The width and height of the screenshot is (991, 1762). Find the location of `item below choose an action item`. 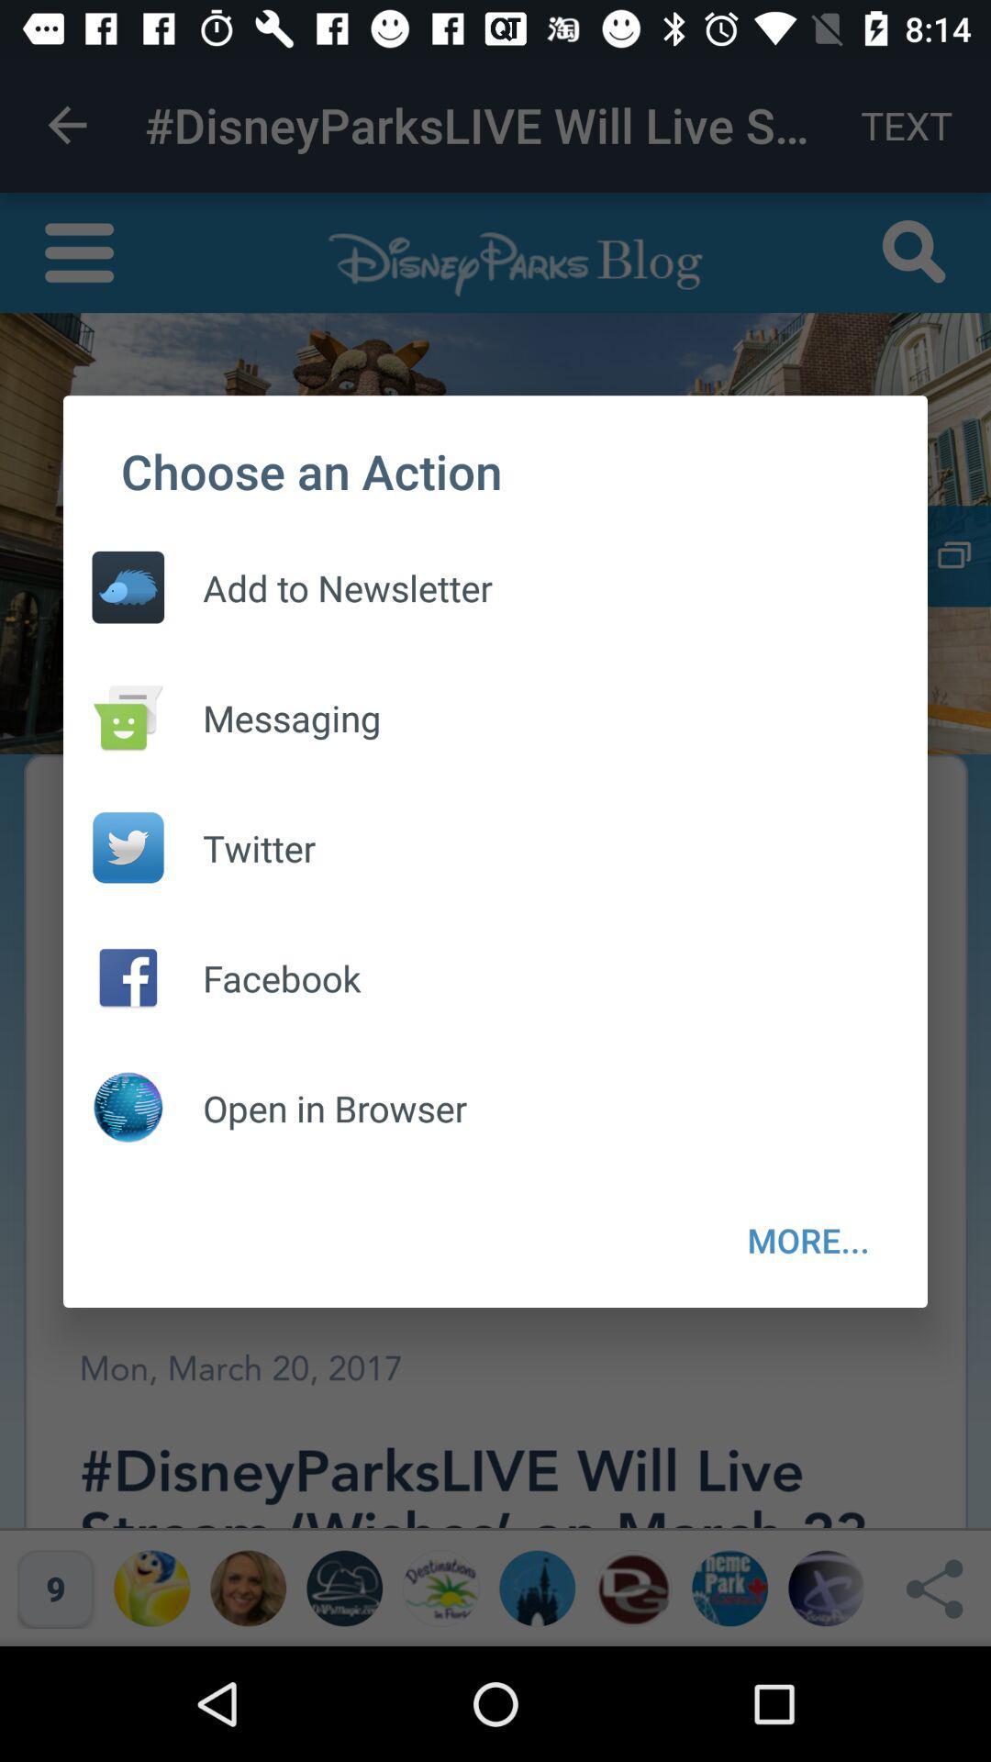

item below choose an action item is located at coordinates (328, 587).